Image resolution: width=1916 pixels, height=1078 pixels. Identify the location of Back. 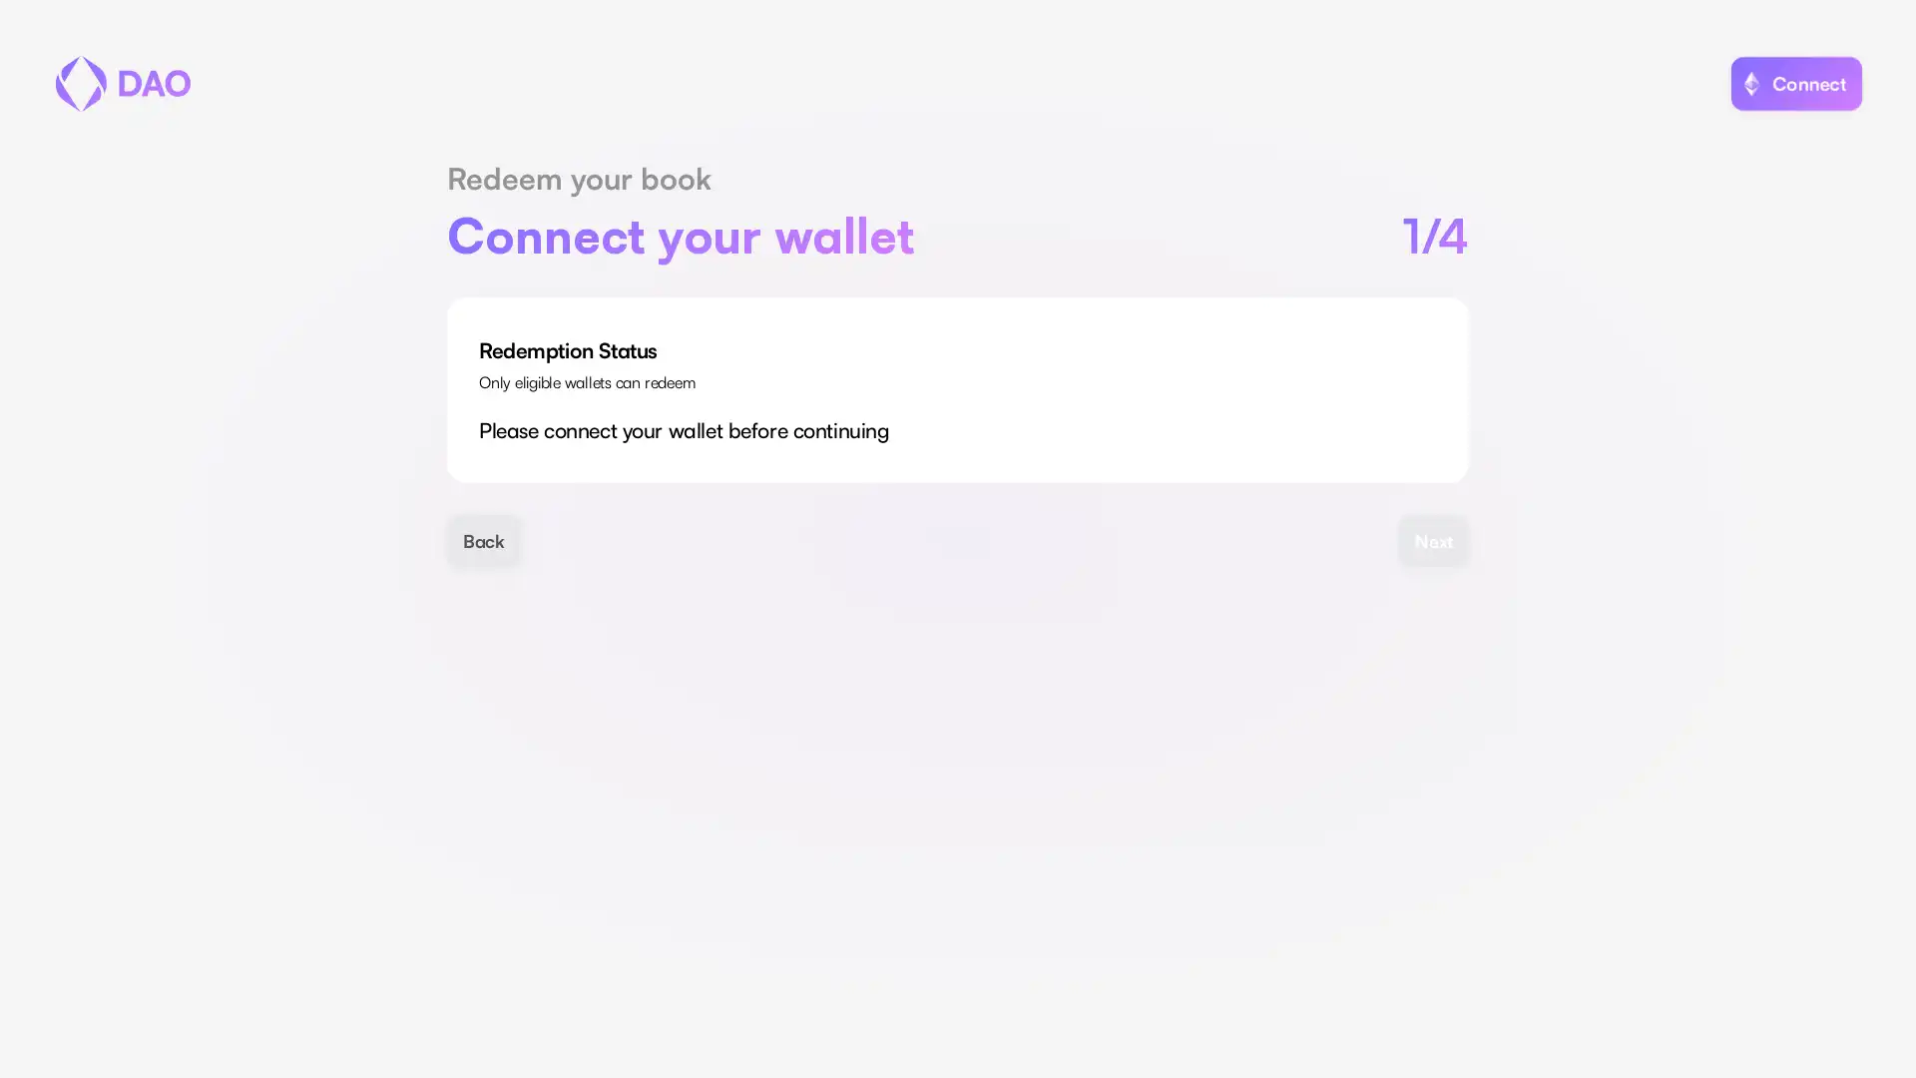
(483, 539).